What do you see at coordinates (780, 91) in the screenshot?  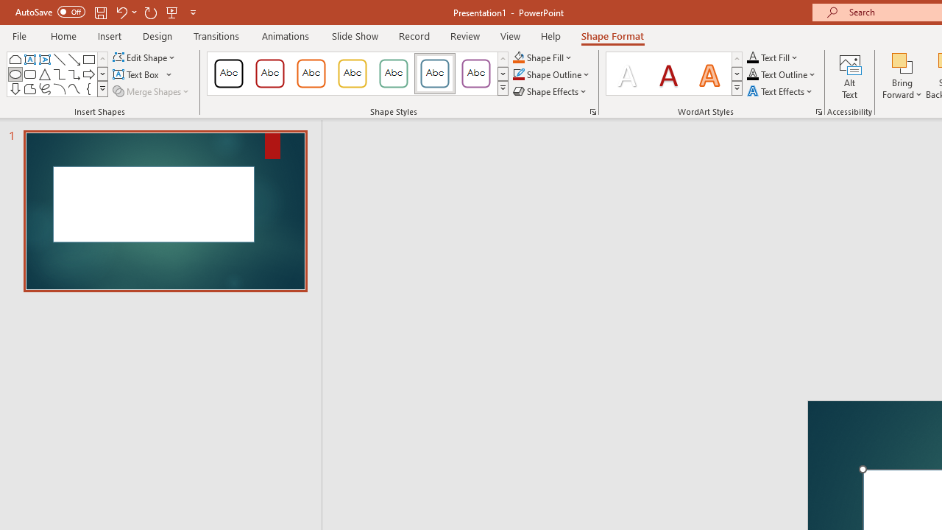 I see `'Text Effects'` at bounding box center [780, 91].